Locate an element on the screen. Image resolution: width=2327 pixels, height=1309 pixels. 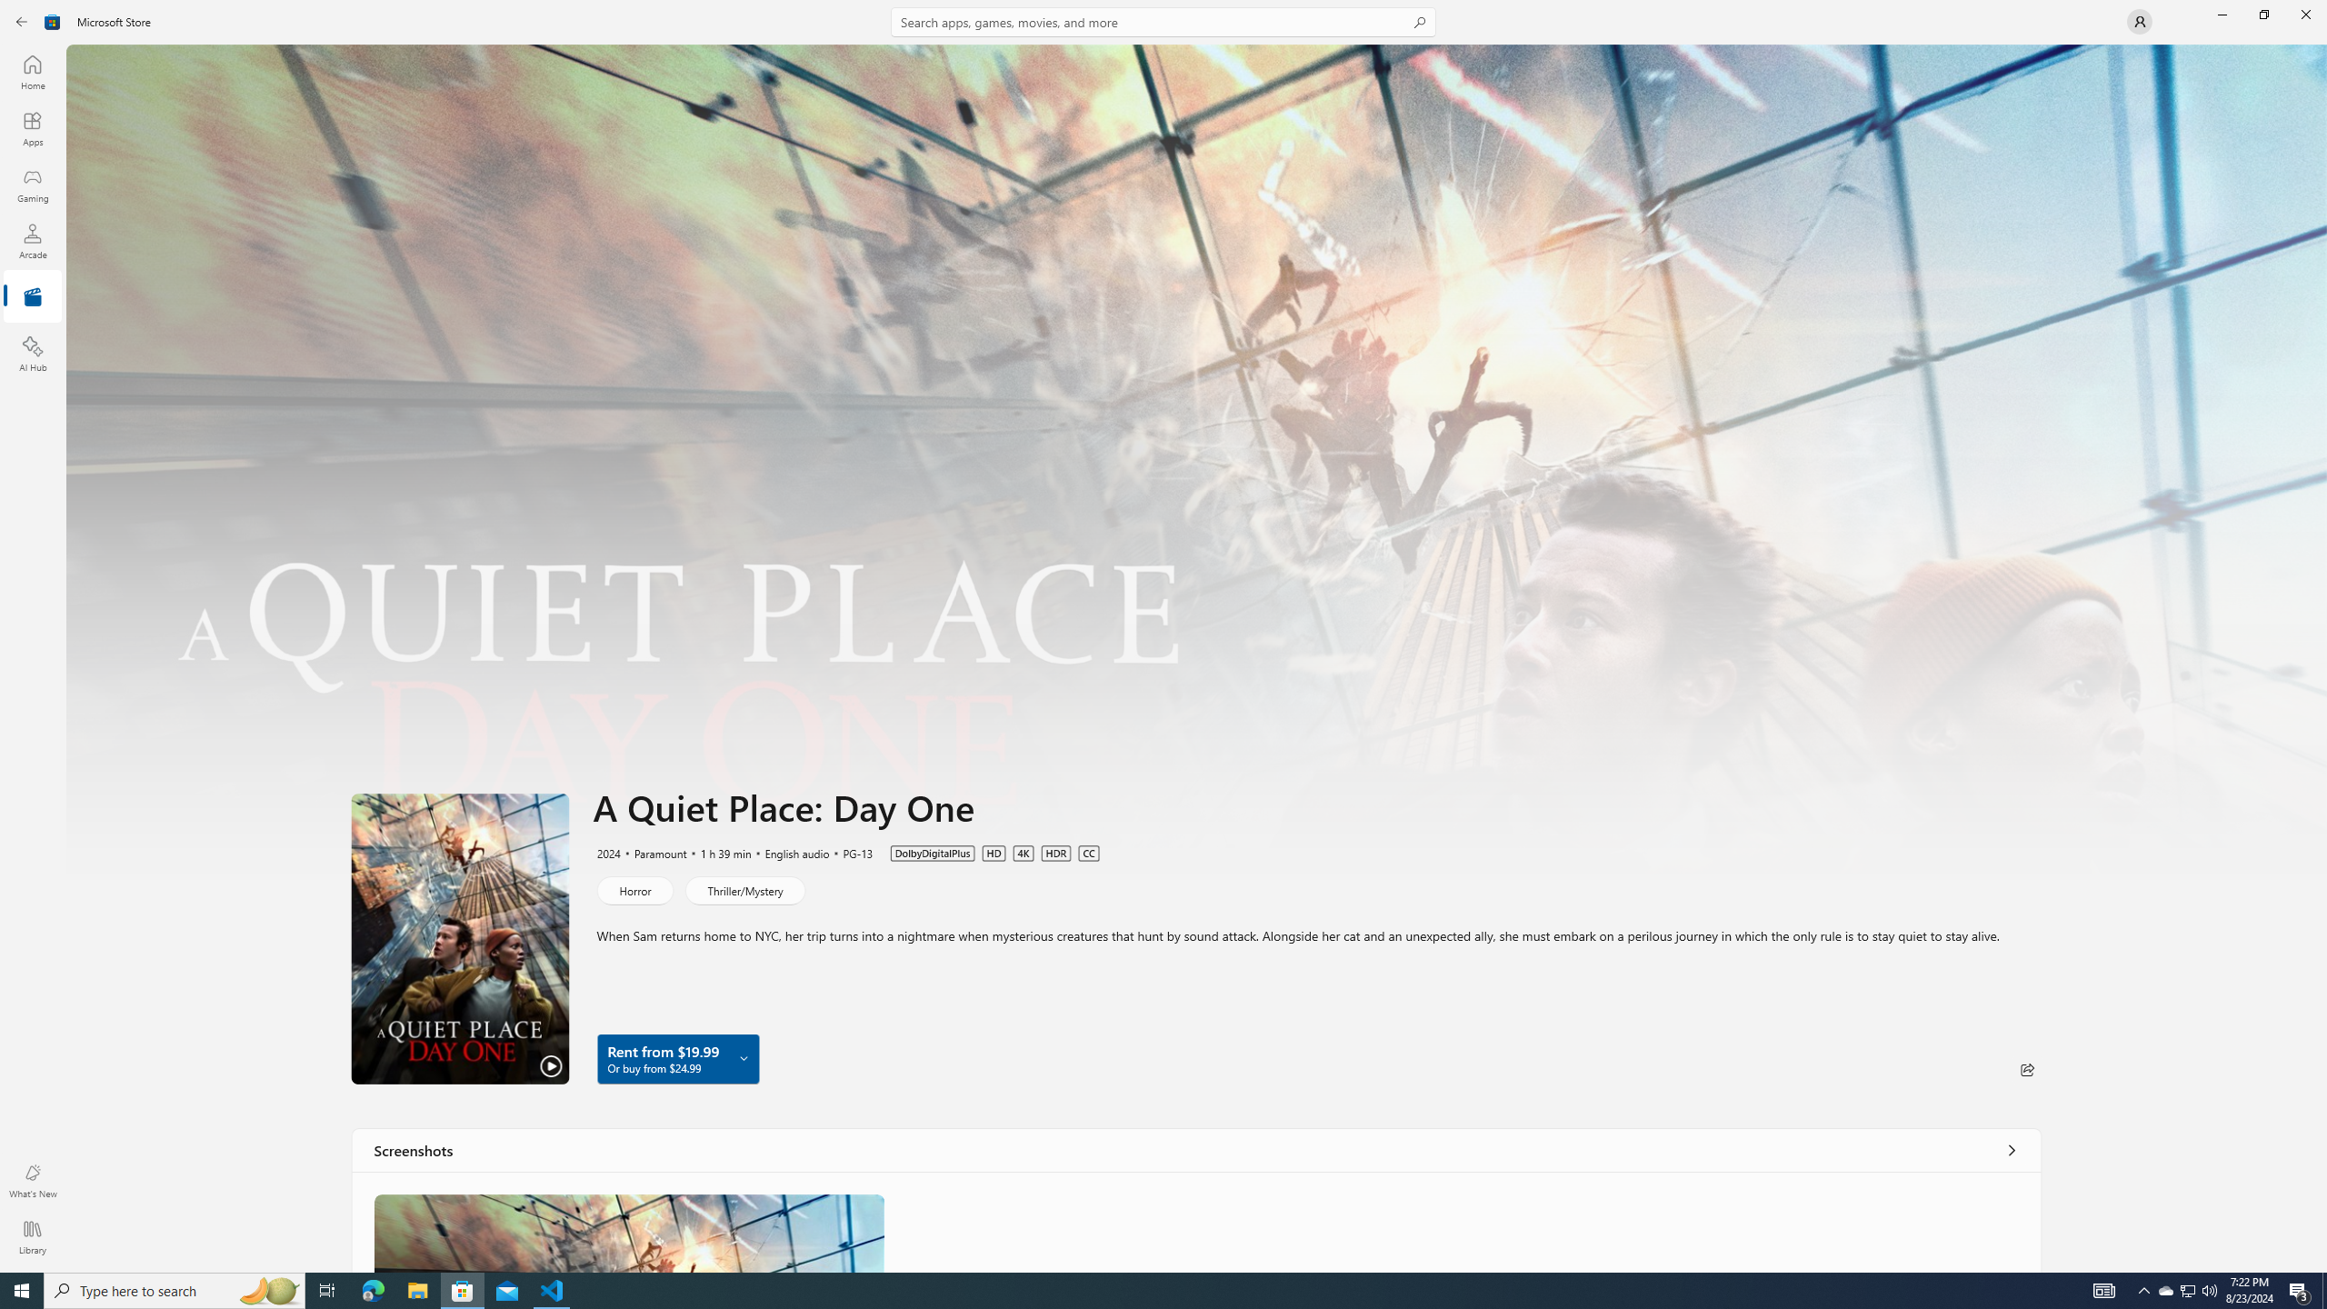
'Close Microsoft Store' is located at coordinates (2304, 14).